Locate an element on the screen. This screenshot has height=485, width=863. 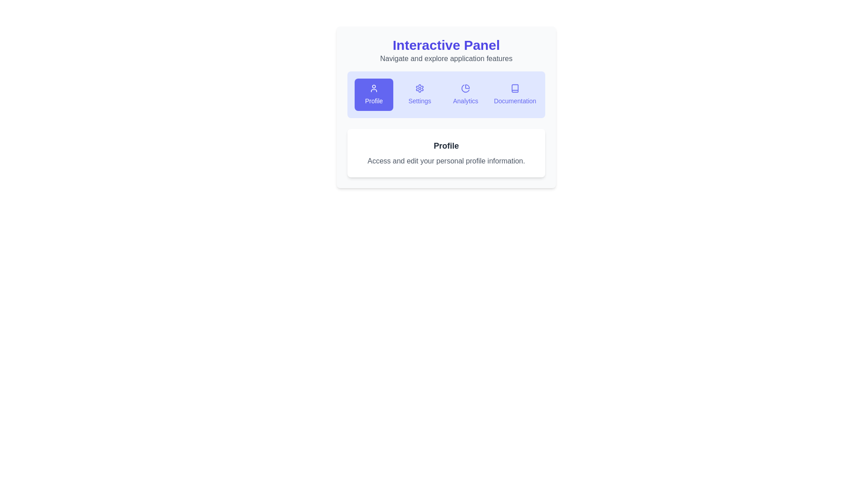
the 'Profile' button, which is the leftmost button in a group of four horizontally aligned buttons, featuring a blue background, white text, and a user silhouette icon above the text is located at coordinates (374, 95).